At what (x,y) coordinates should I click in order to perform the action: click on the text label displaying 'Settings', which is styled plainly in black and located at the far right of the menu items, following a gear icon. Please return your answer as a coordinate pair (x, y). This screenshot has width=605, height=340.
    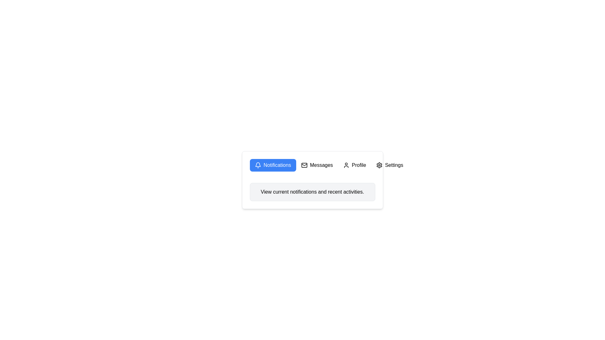
    Looking at the image, I should click on (394, 165).